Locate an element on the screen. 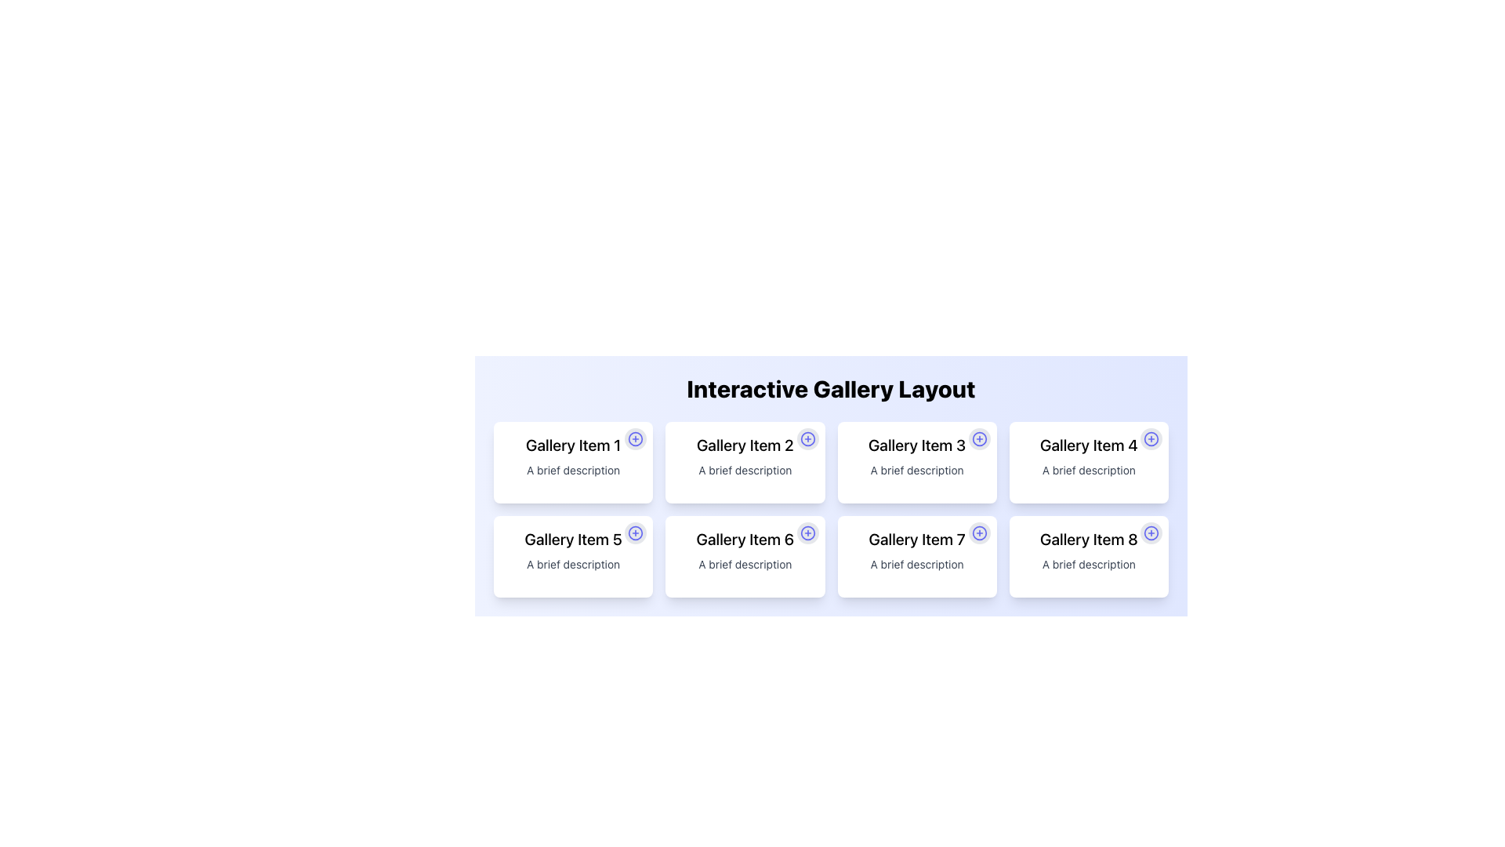  descriptive text of the gallery item card located in the bottom-right corner of the grid layout, specifically the 8th item which includes a circular '+' icon is located at coordinates (1088, 555).